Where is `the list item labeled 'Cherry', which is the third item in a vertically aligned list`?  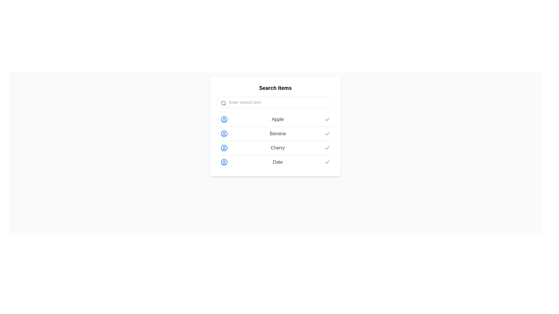
the list item labeled 'Cherry', which is the third item in a vertically aligned list is located at coordinates (275, 147).